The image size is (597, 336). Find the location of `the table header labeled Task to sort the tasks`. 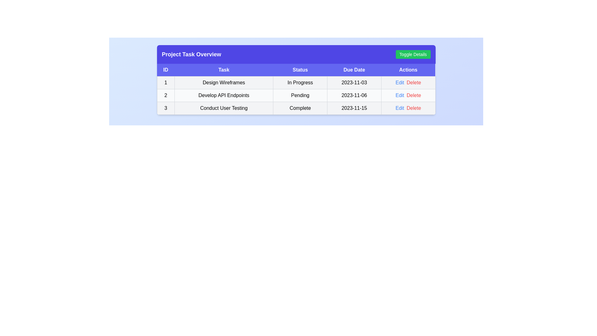

the table header labeled Task to sort the tasks is located at coordinates (224, 70).